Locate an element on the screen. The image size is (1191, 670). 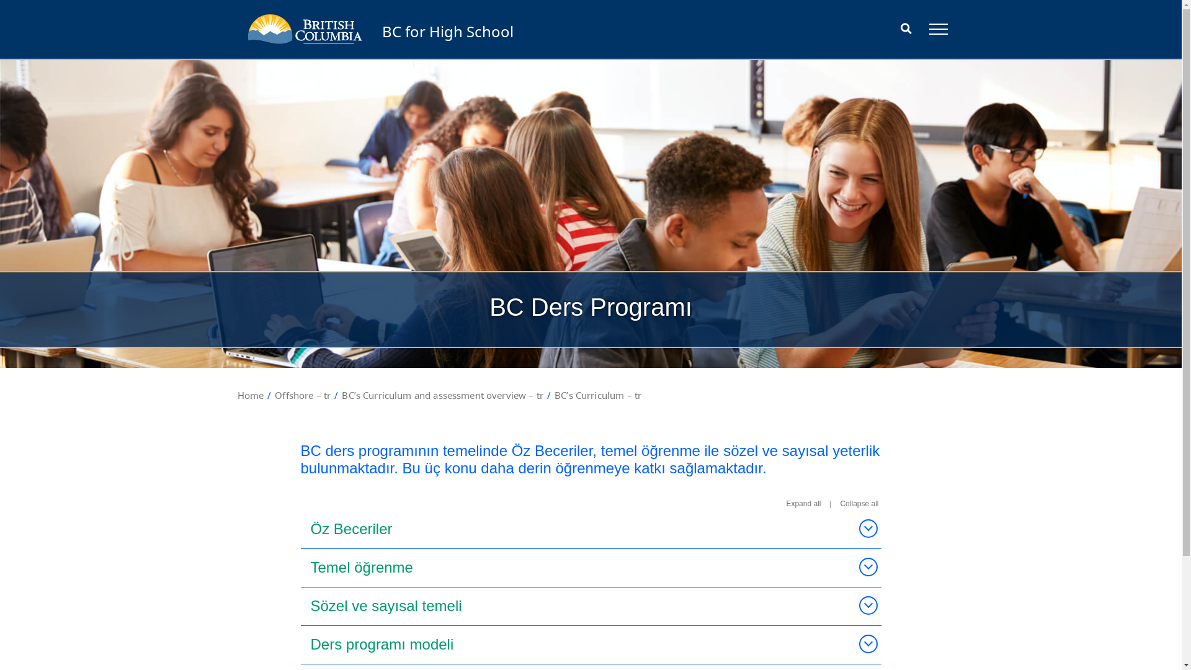
'Expand all' is located at coordinates (803, 504).